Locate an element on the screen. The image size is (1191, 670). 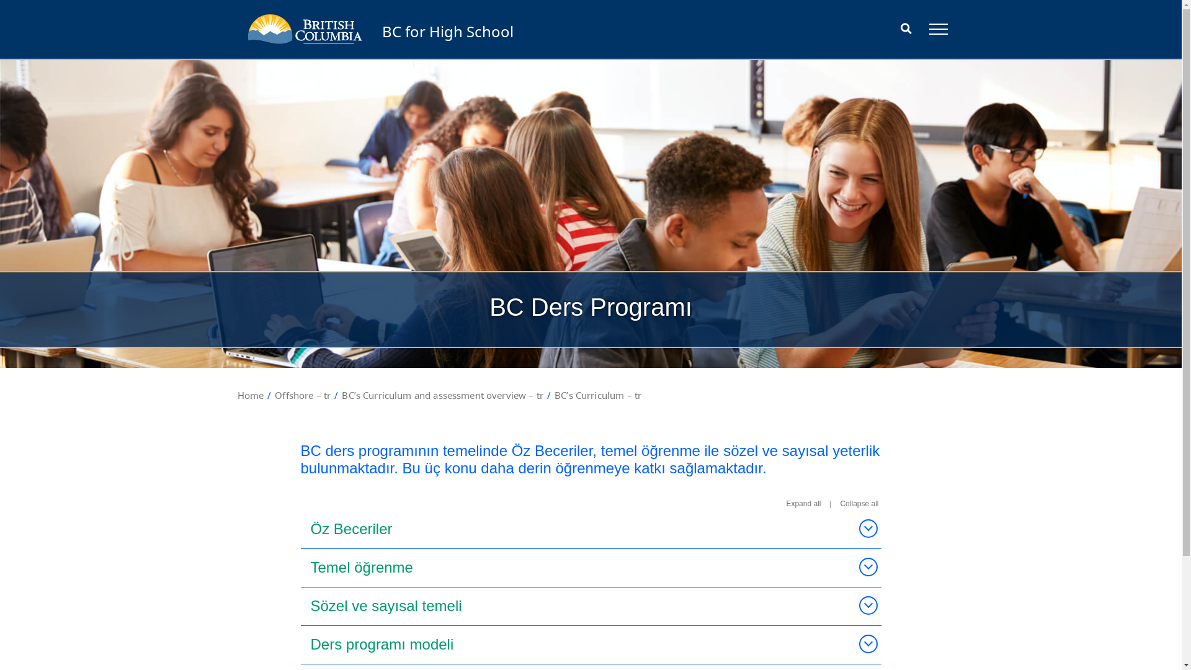
'Expand all' is located at coordinates (803, 504).